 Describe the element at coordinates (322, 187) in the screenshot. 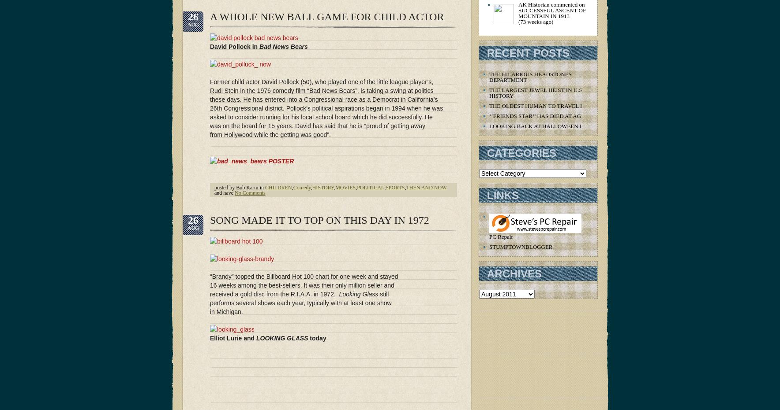

I see `'HISTORY'` at that location.